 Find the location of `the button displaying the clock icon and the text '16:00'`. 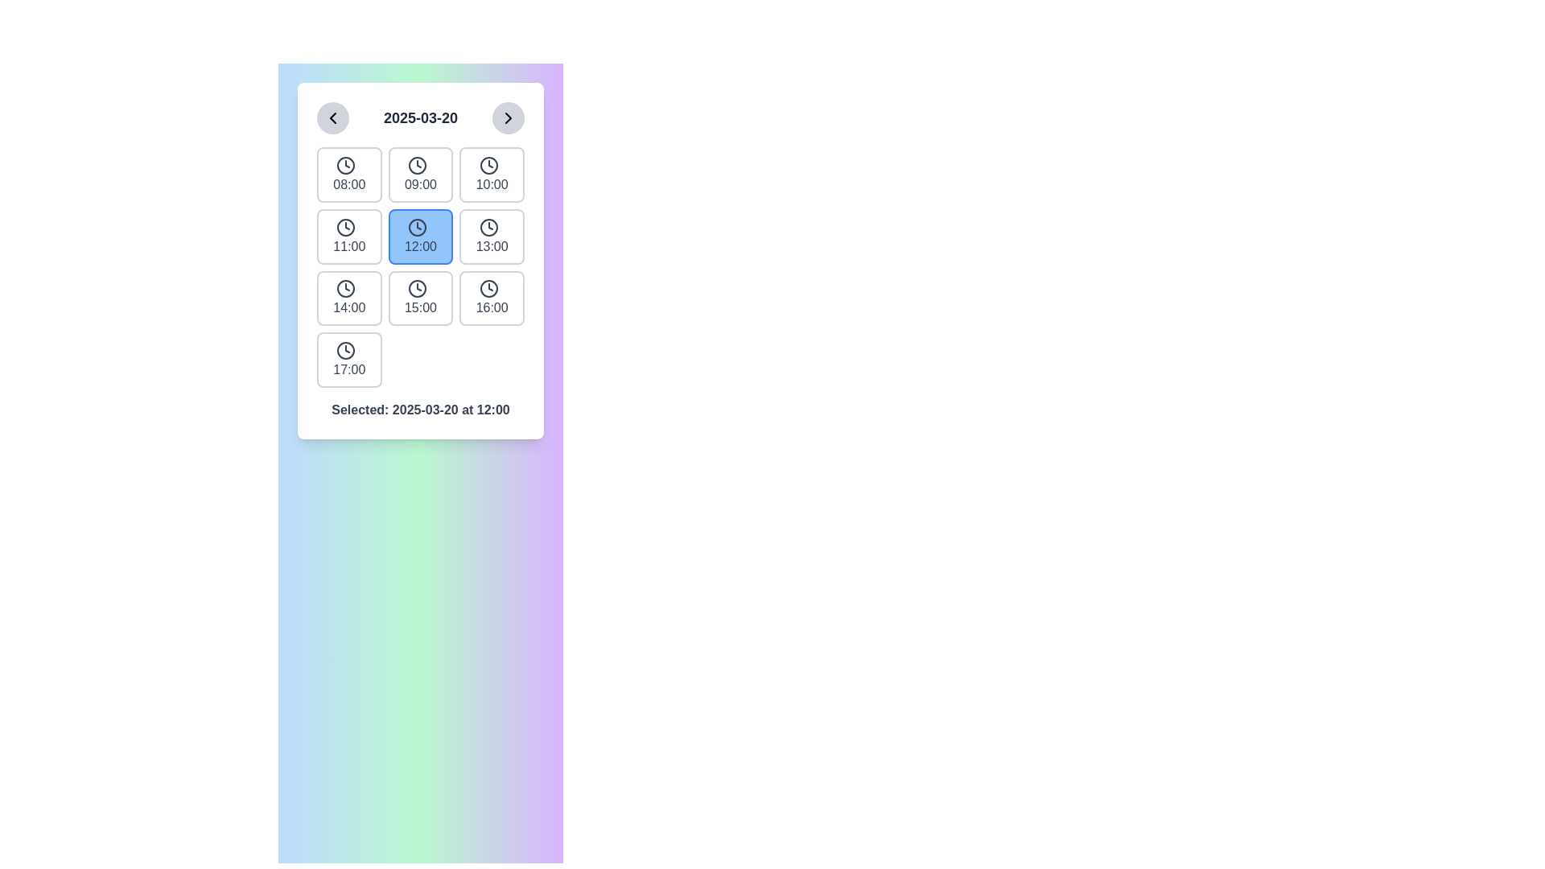

the button displaying the clock icon and the text '16:00' is located at coordinates (491, 298).